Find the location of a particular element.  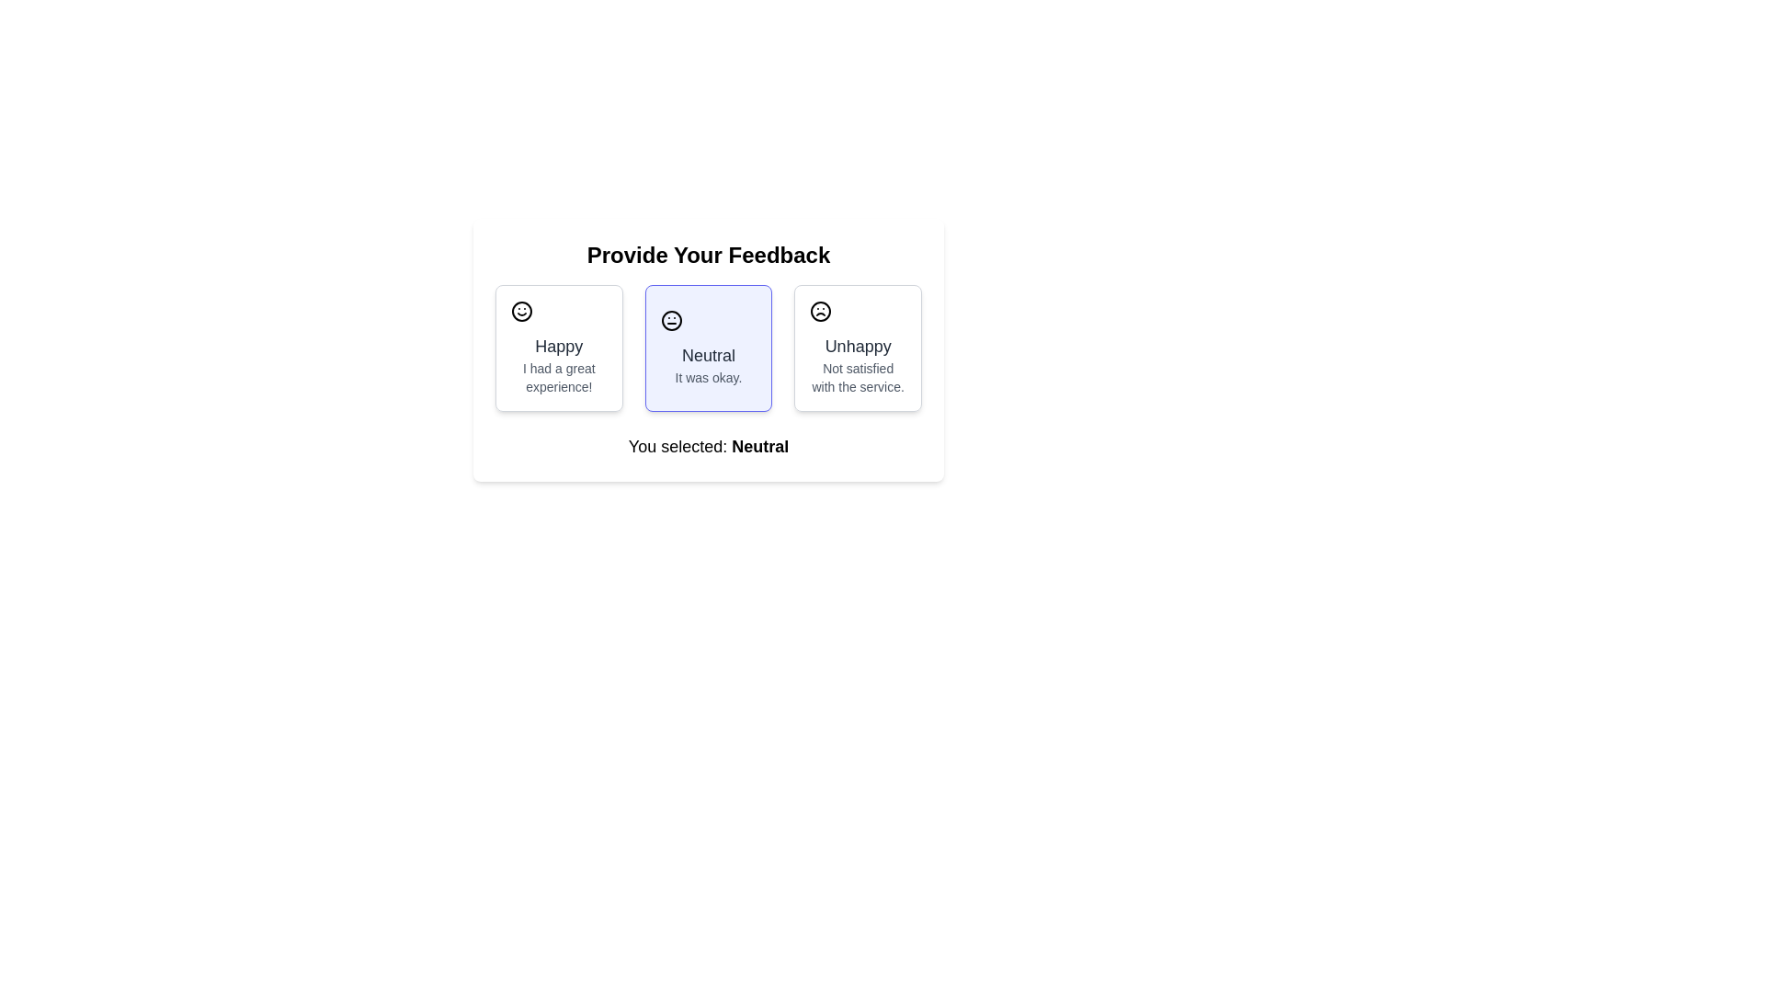

the 'Unhappy' feedback option, which is a rectangular button with a sad face icon and text indicating dissatisfaction, located at the coordinates provided is located at coordinates (857, 348).